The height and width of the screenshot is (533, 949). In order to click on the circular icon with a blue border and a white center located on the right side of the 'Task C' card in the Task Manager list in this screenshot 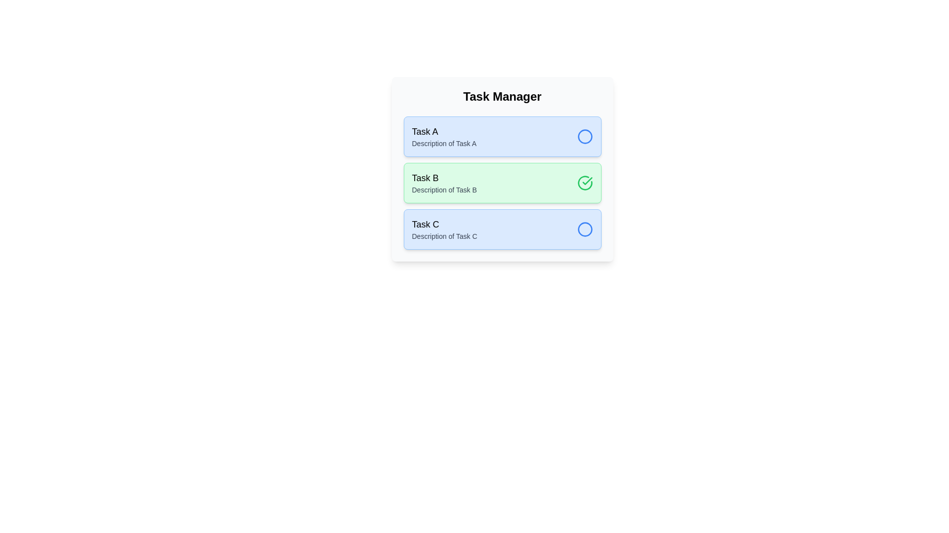, I will do `click(585, 229)`.